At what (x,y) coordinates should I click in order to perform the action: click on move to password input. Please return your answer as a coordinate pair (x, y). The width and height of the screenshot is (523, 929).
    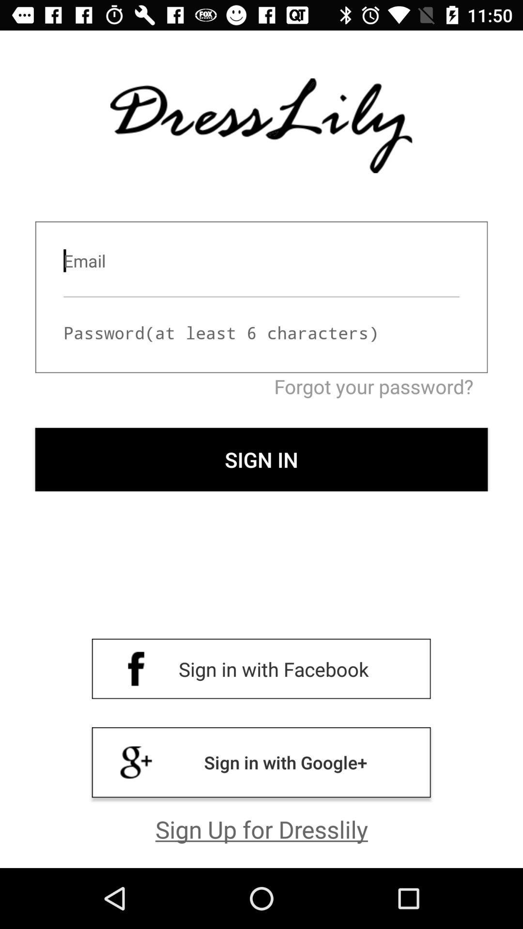
    Looking at the image, I should click on (261, 332).